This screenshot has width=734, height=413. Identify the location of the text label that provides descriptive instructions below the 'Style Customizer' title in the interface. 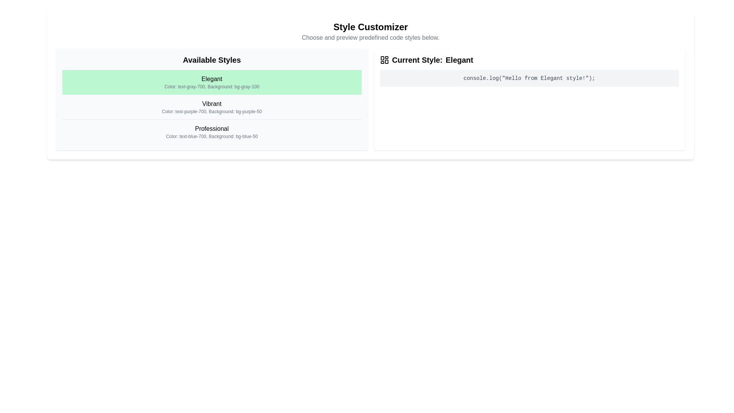
(370, 38).